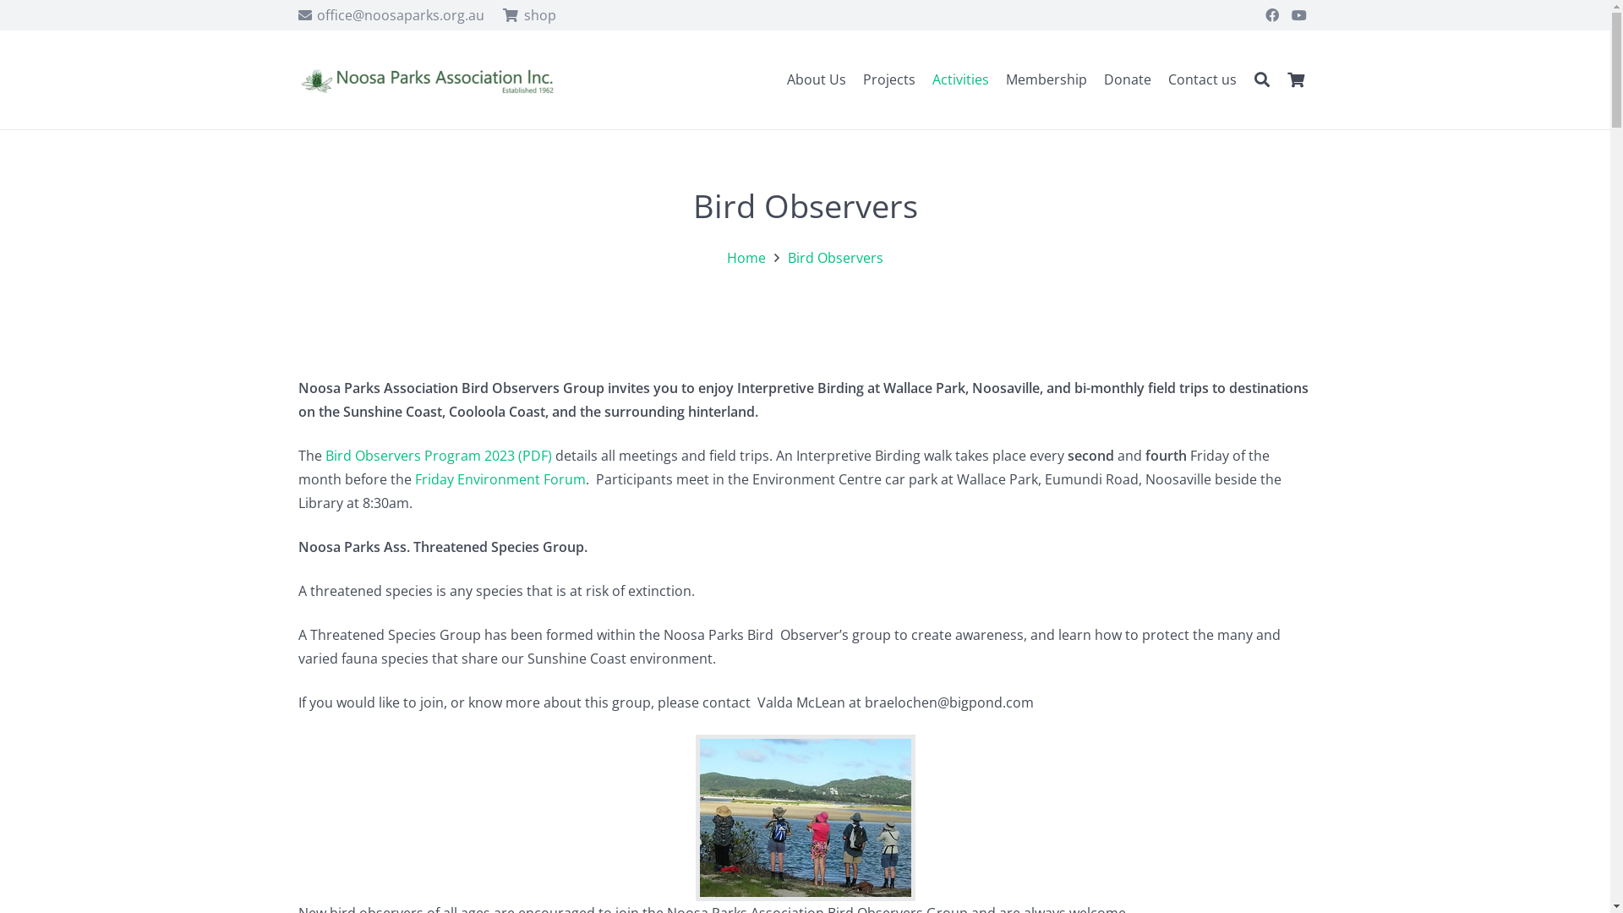  I want to click on 'Donate', so click(1096, 79).